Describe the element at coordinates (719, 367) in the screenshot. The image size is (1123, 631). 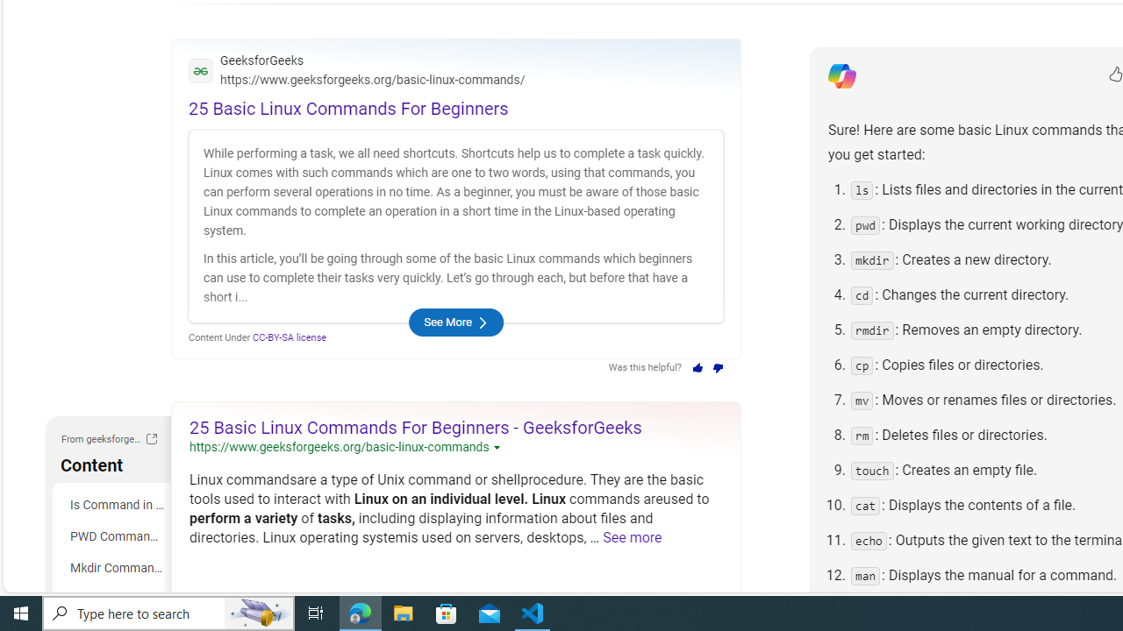
I see `'Thumbs down'` at that location.